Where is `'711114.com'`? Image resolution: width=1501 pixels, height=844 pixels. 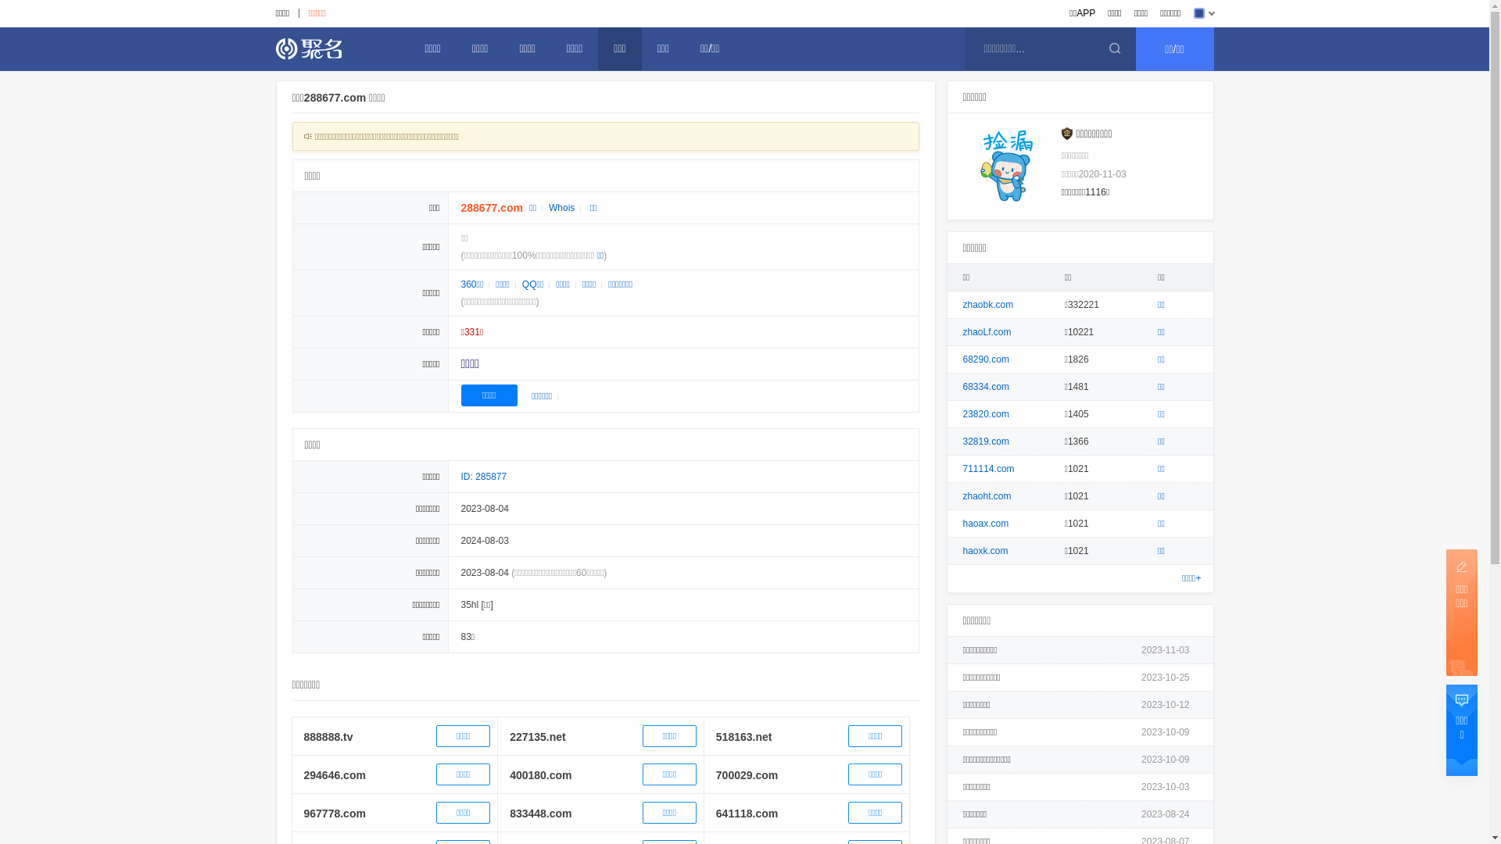 '711114.com' is located at coordinates (988, 468).